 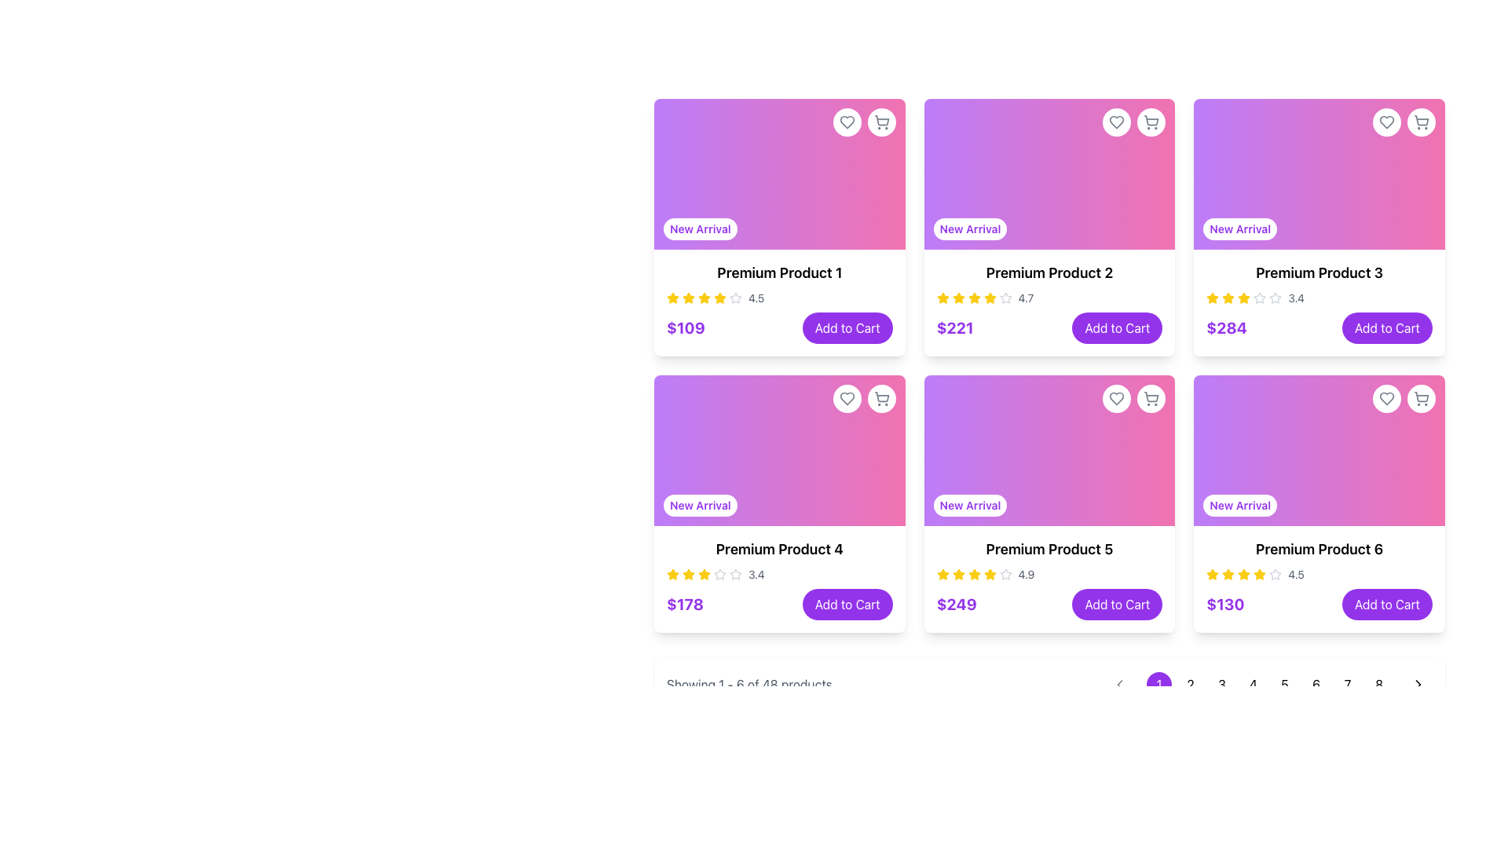 I want to click on the circular button with a white background and a gray outlined heart icon, located at the top-right corner of the card for 'Premium Product 6', positioned left of the shopping cart icon, so click(x=1387, y=398).